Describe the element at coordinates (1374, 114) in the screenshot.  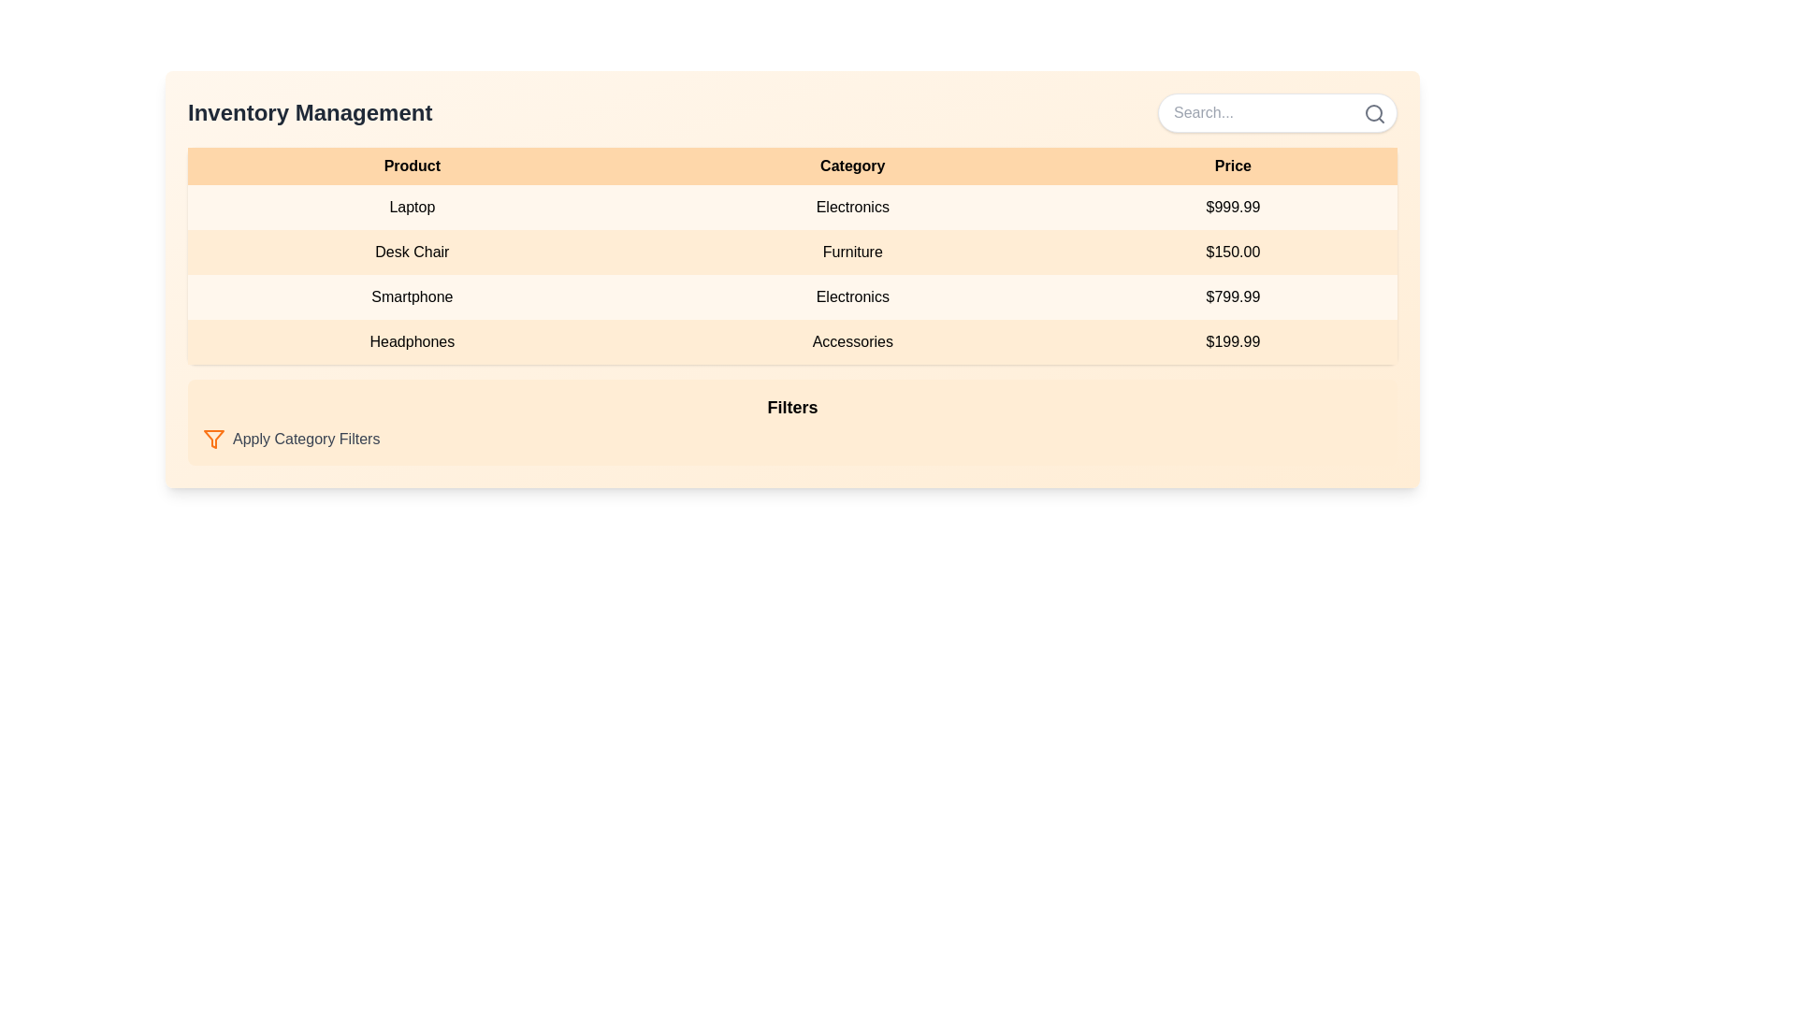
I see `the magnifying glass icon located at the far right of the search input field to initiate a search operation` at that location.